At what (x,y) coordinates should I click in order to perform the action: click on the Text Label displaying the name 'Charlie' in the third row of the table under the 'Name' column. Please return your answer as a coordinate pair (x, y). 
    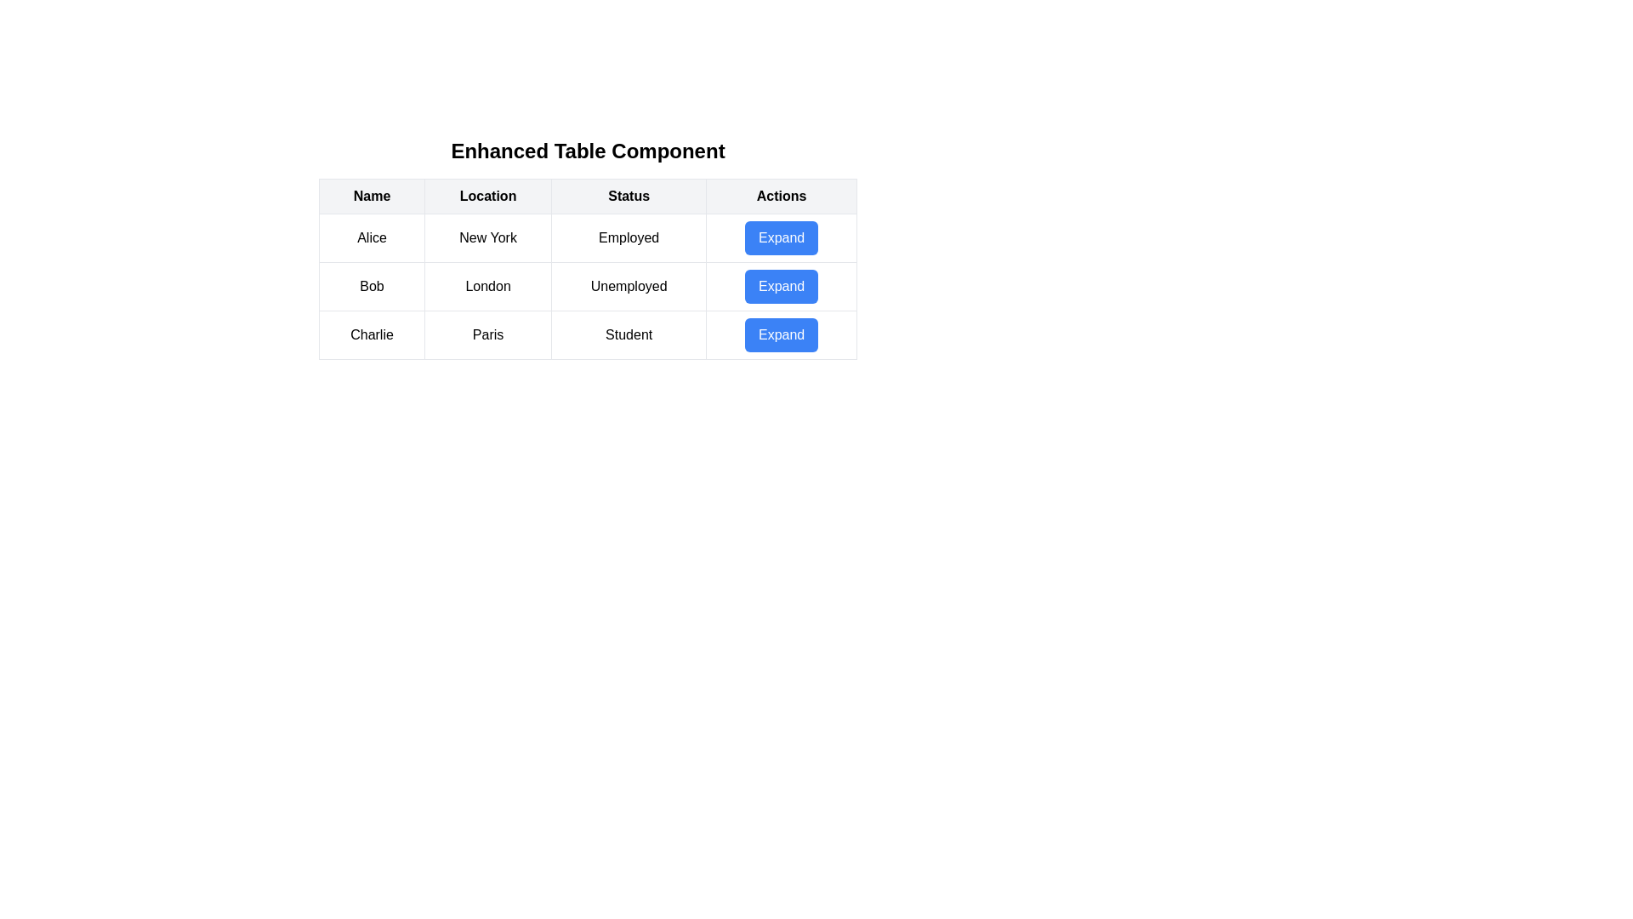
    Looking at the image, I should click on (371, 334).